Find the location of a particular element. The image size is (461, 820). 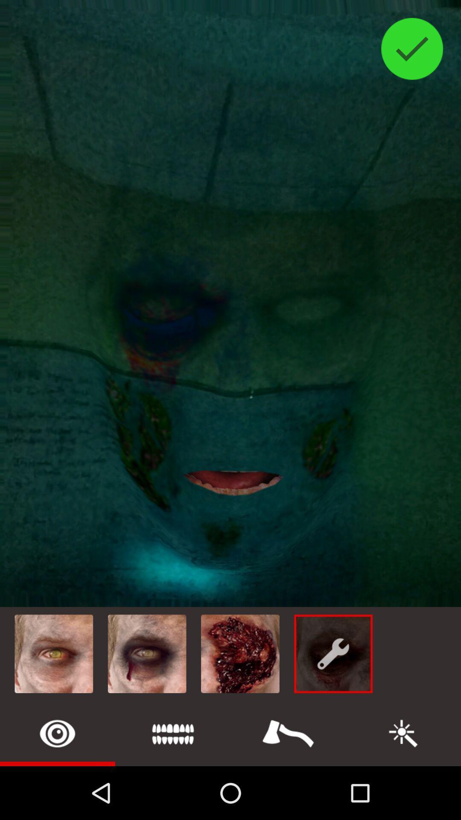

teeth style is located at coordinates (173, 733).